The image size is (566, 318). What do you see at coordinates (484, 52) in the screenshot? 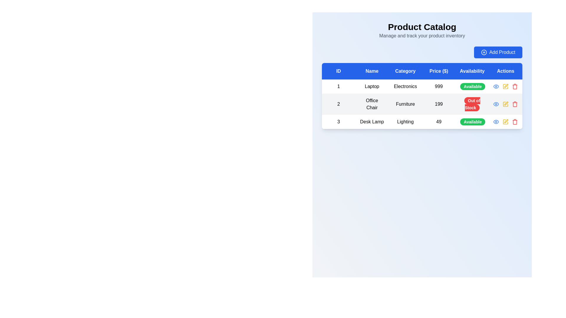
I see `the circular icon with a blue background and white stroke, which contains a plus symbol` at bounding box center [484, 52].